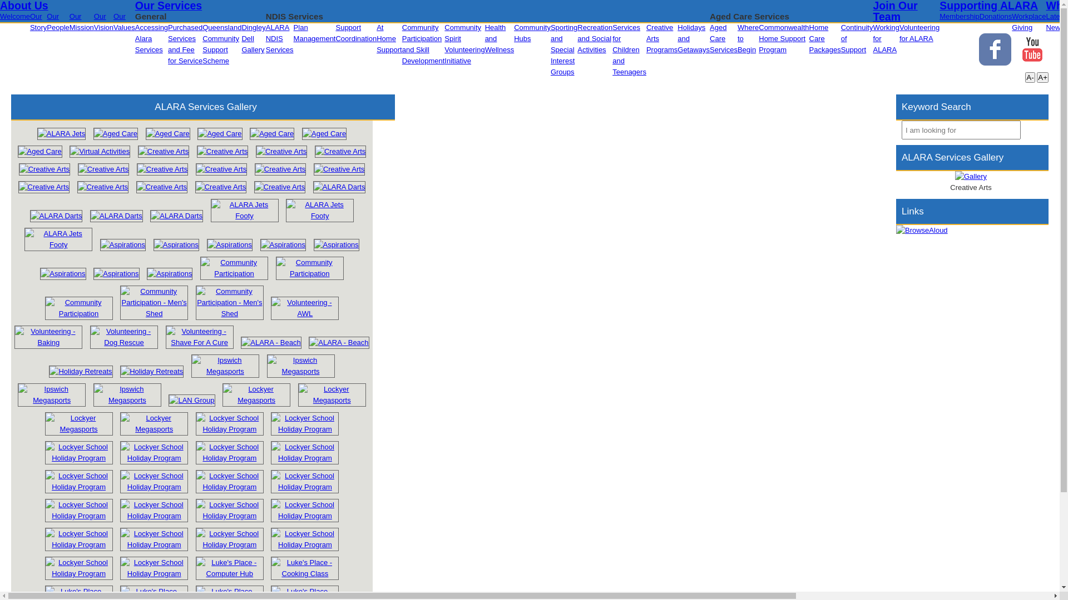 Image resolution: width=1068 pixels, height=600 pixels. I want to click on 'Support Coordination', so click(355, 32).